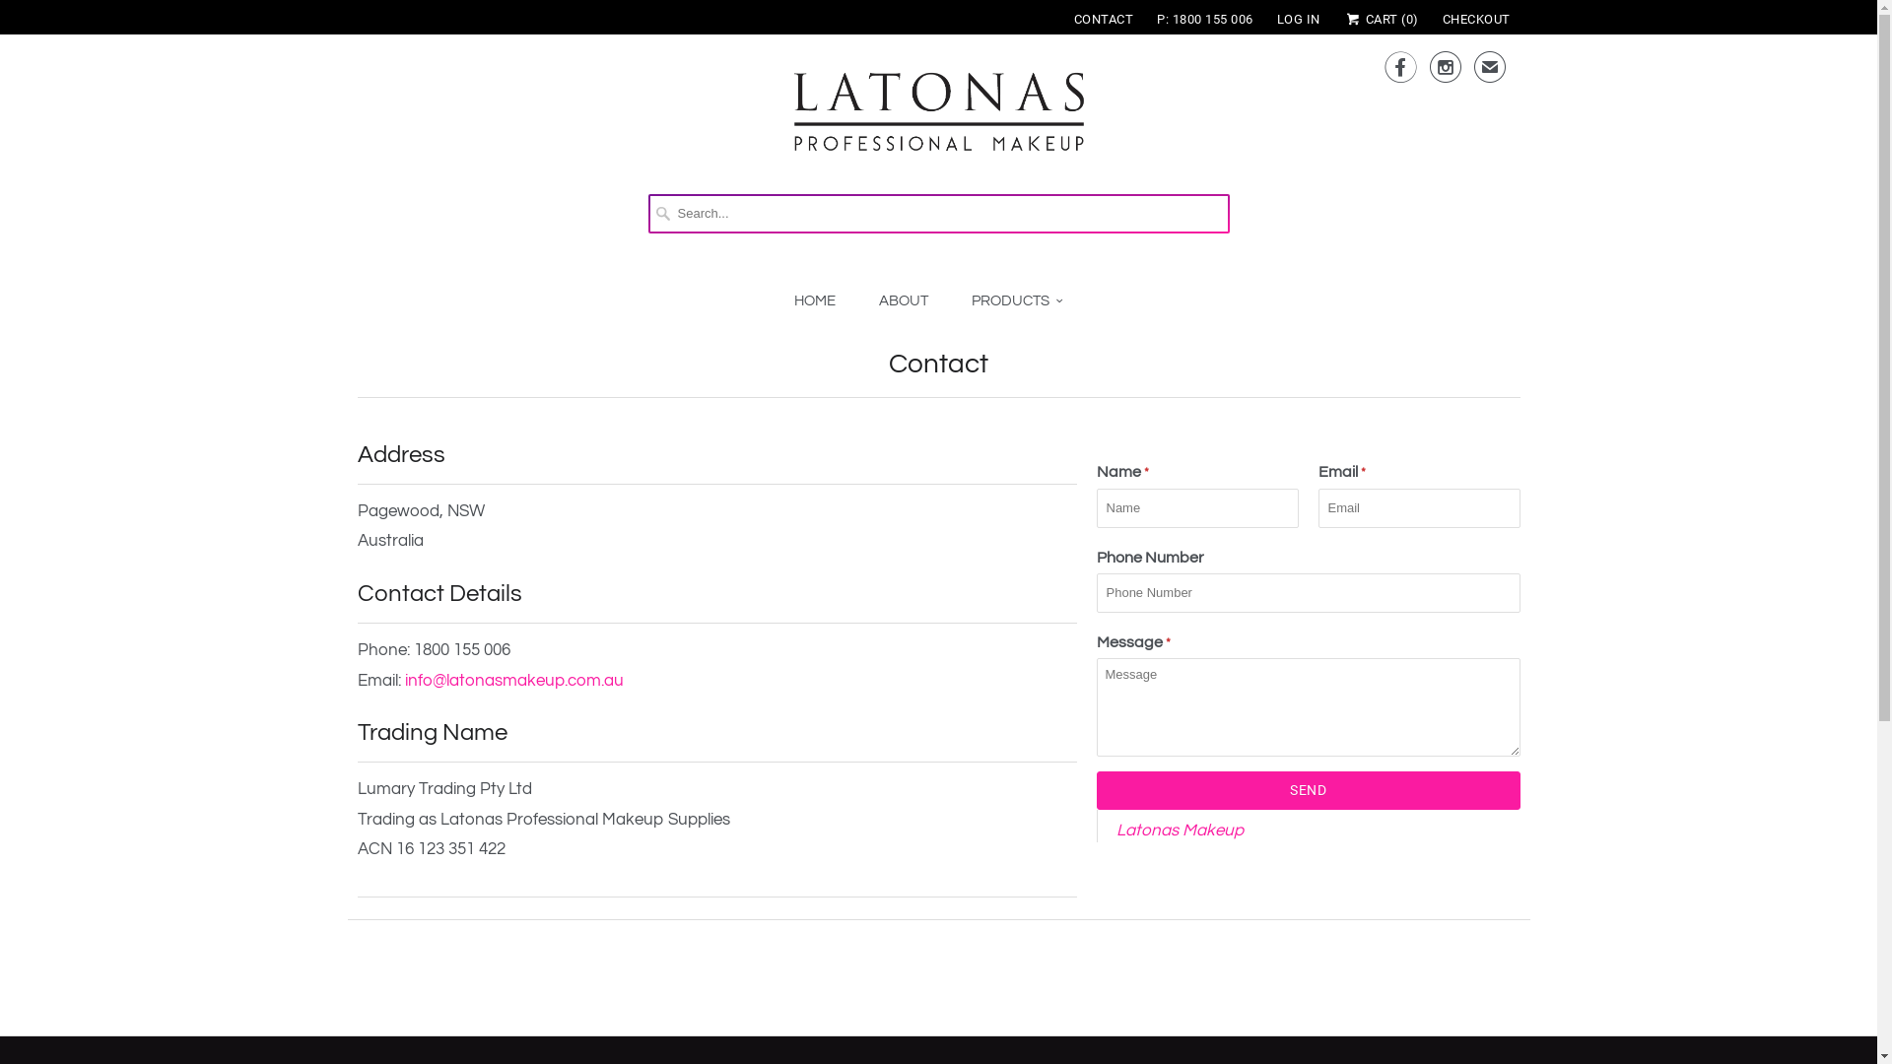  What do you see at coordinates (1299, 19) in the screenshot?
I see `'LOG IN'` at bounding box center [1299, 19].